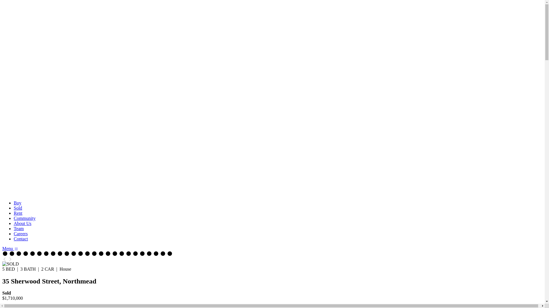 The image size is (549, 308). I want to click on 'Sold', so click(18, 208).